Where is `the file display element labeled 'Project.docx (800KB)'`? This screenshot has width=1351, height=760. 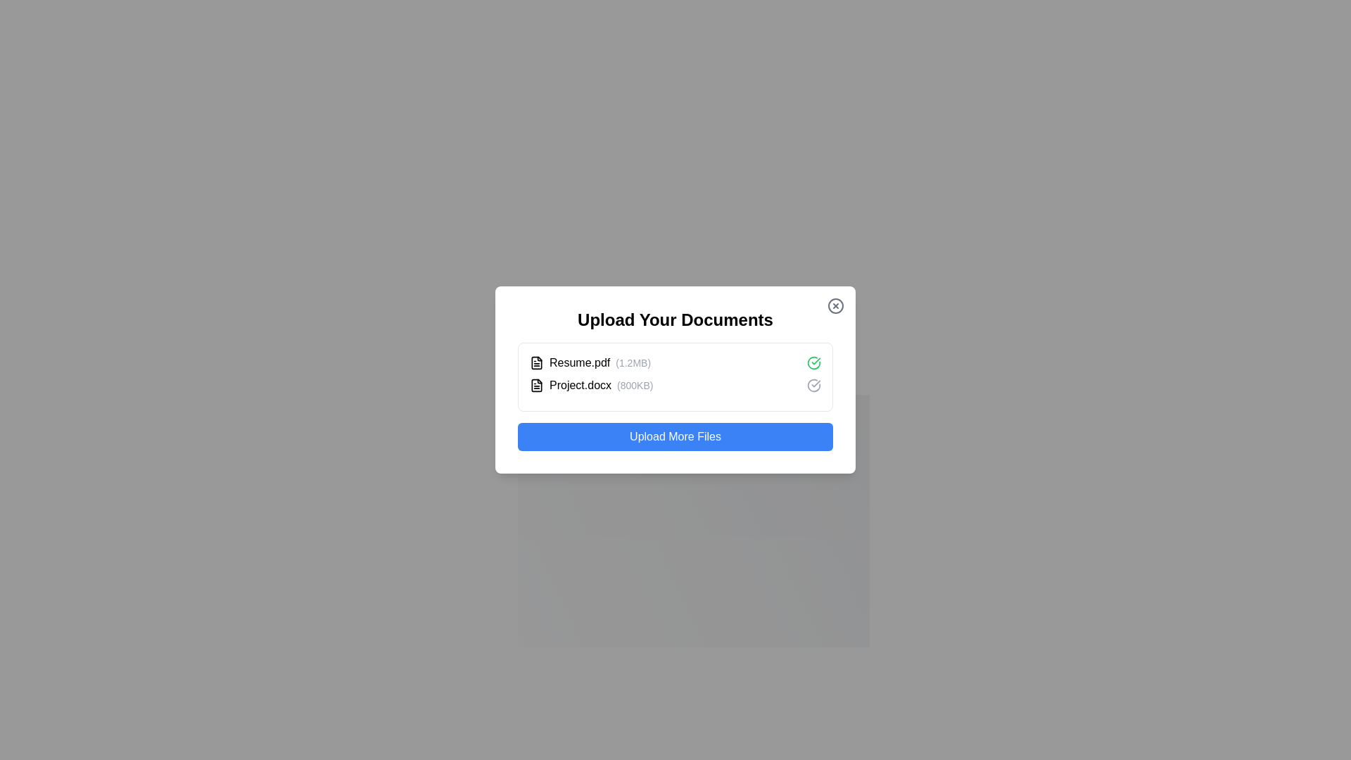 the file display element labeled 'Project.docx (800KB)' is located at coordinates (591, 385).